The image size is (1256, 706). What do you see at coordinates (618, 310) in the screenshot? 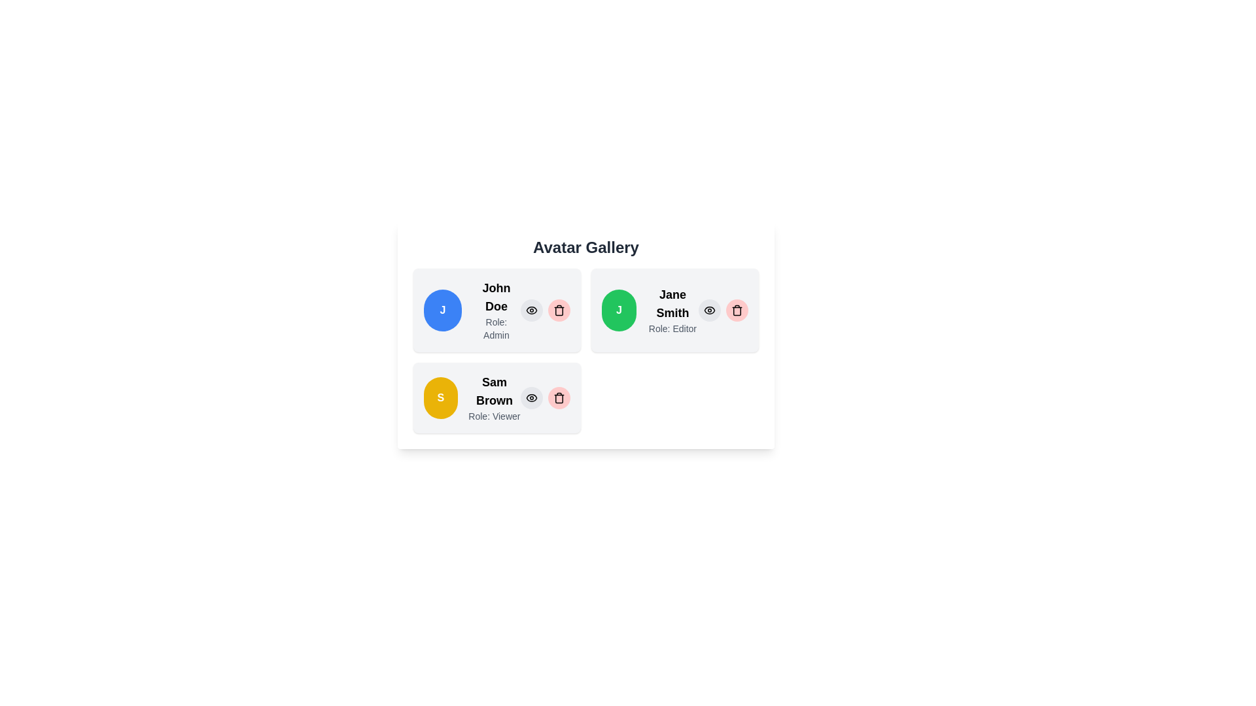
I see `the user avatar, which visually identifies the user with initials, located to the left of 'Jane Smith' and above 'Role: Editor' in the user card` at bounding box center [618, 310].